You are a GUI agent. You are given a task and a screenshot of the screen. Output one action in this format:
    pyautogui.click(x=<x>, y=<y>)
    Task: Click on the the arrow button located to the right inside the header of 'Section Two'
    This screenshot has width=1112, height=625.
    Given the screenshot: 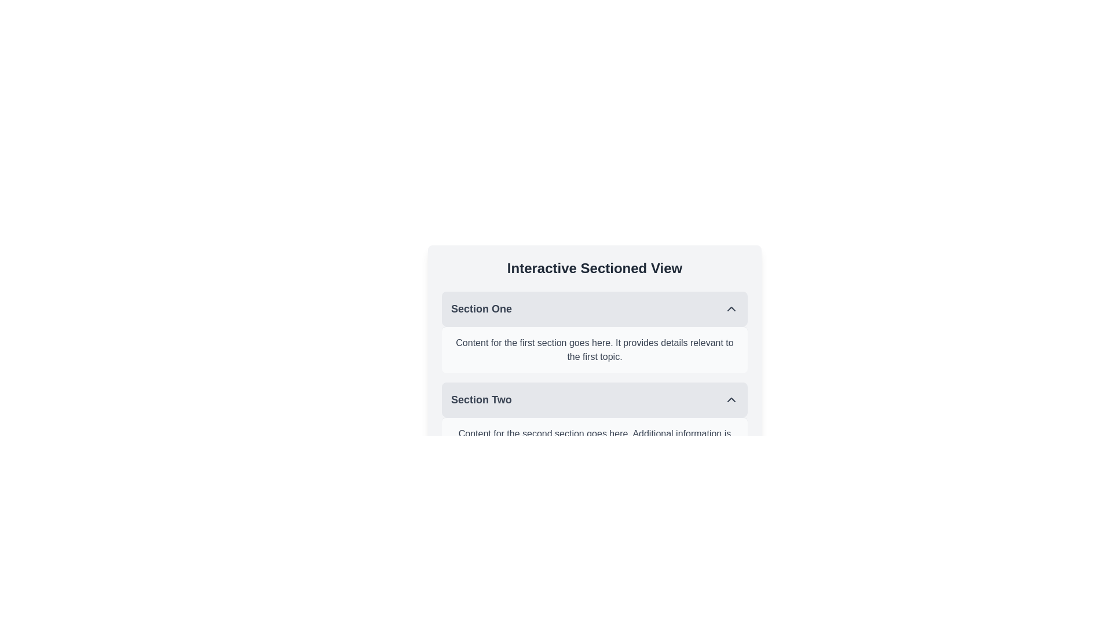 What is the action you would take?
    pyautogui.click(x=730, y=399)
    